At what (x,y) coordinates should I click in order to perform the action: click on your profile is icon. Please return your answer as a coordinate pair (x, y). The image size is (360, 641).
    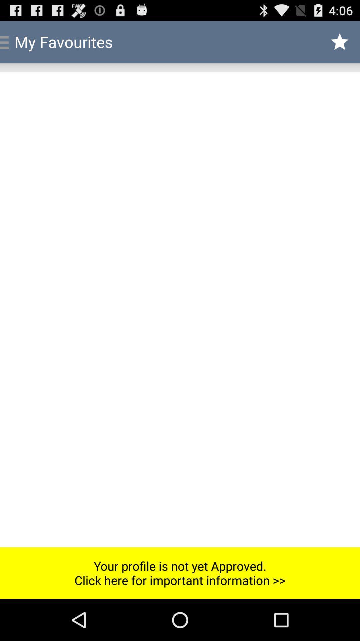
    Looking at the image, I should click on (180, 573).